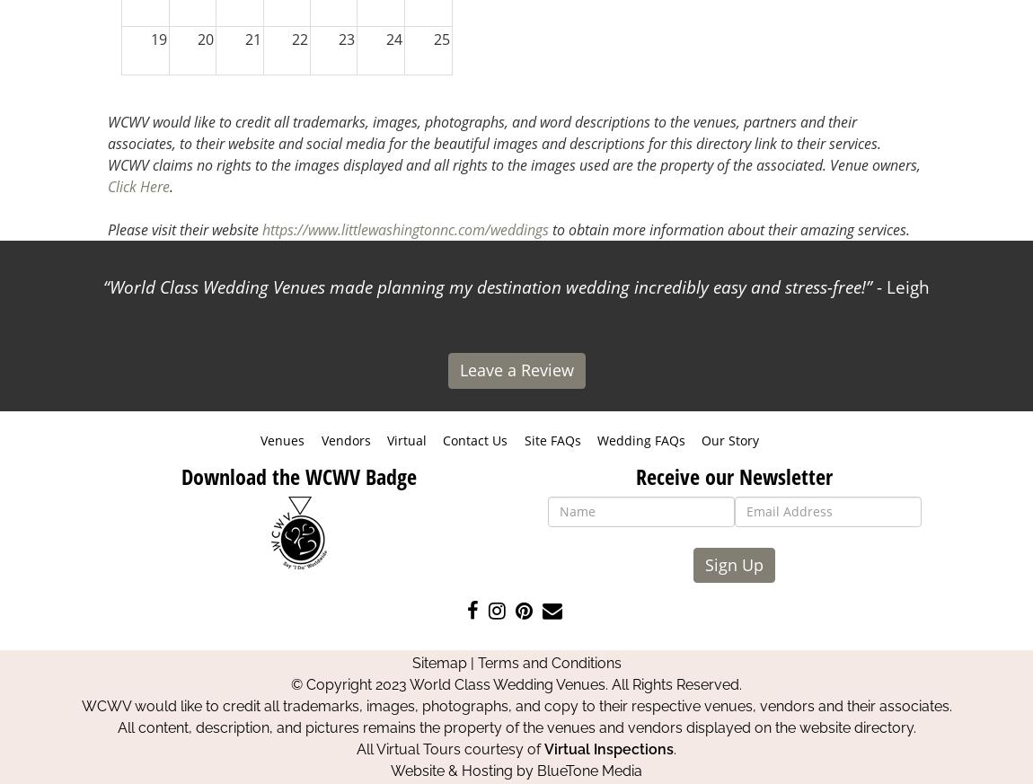 The width and height of the screenshot is (1033, 784). I want to click on 'BlueTone Media', so click(588, 771).